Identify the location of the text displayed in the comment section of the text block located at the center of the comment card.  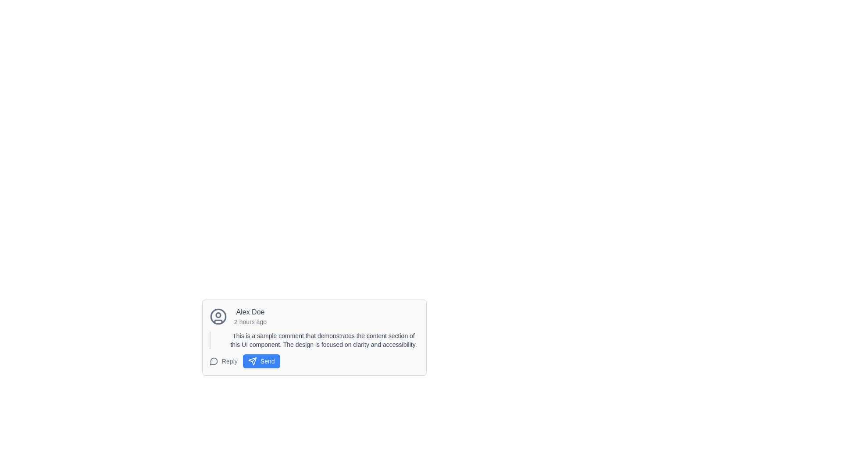
(323, 339).